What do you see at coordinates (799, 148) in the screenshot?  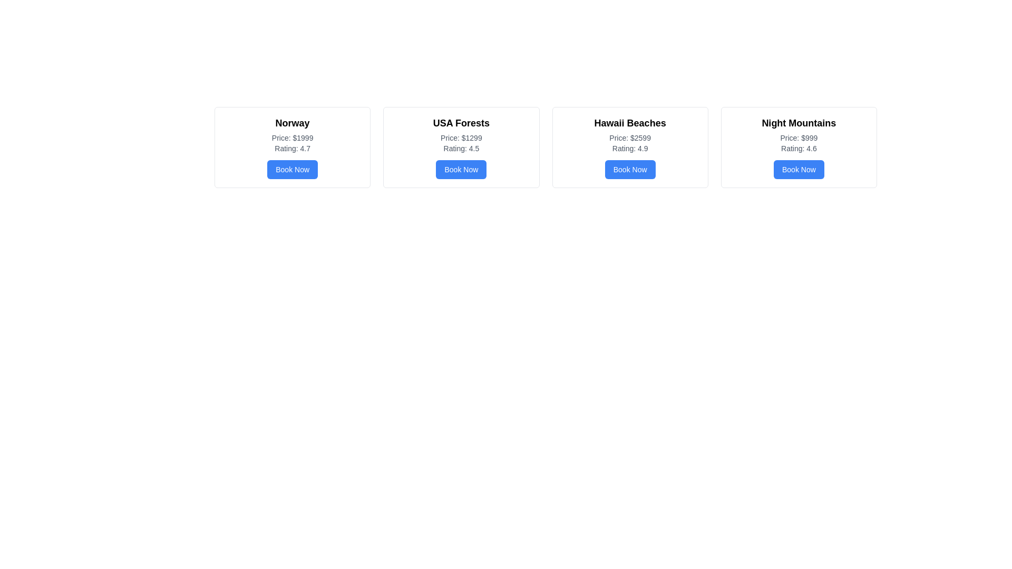 I see `text label that displays the rating, which shows 'Rating: 4.6', located below the price detail within the 'Night Mountains' card` at bounding box center [799, 148].